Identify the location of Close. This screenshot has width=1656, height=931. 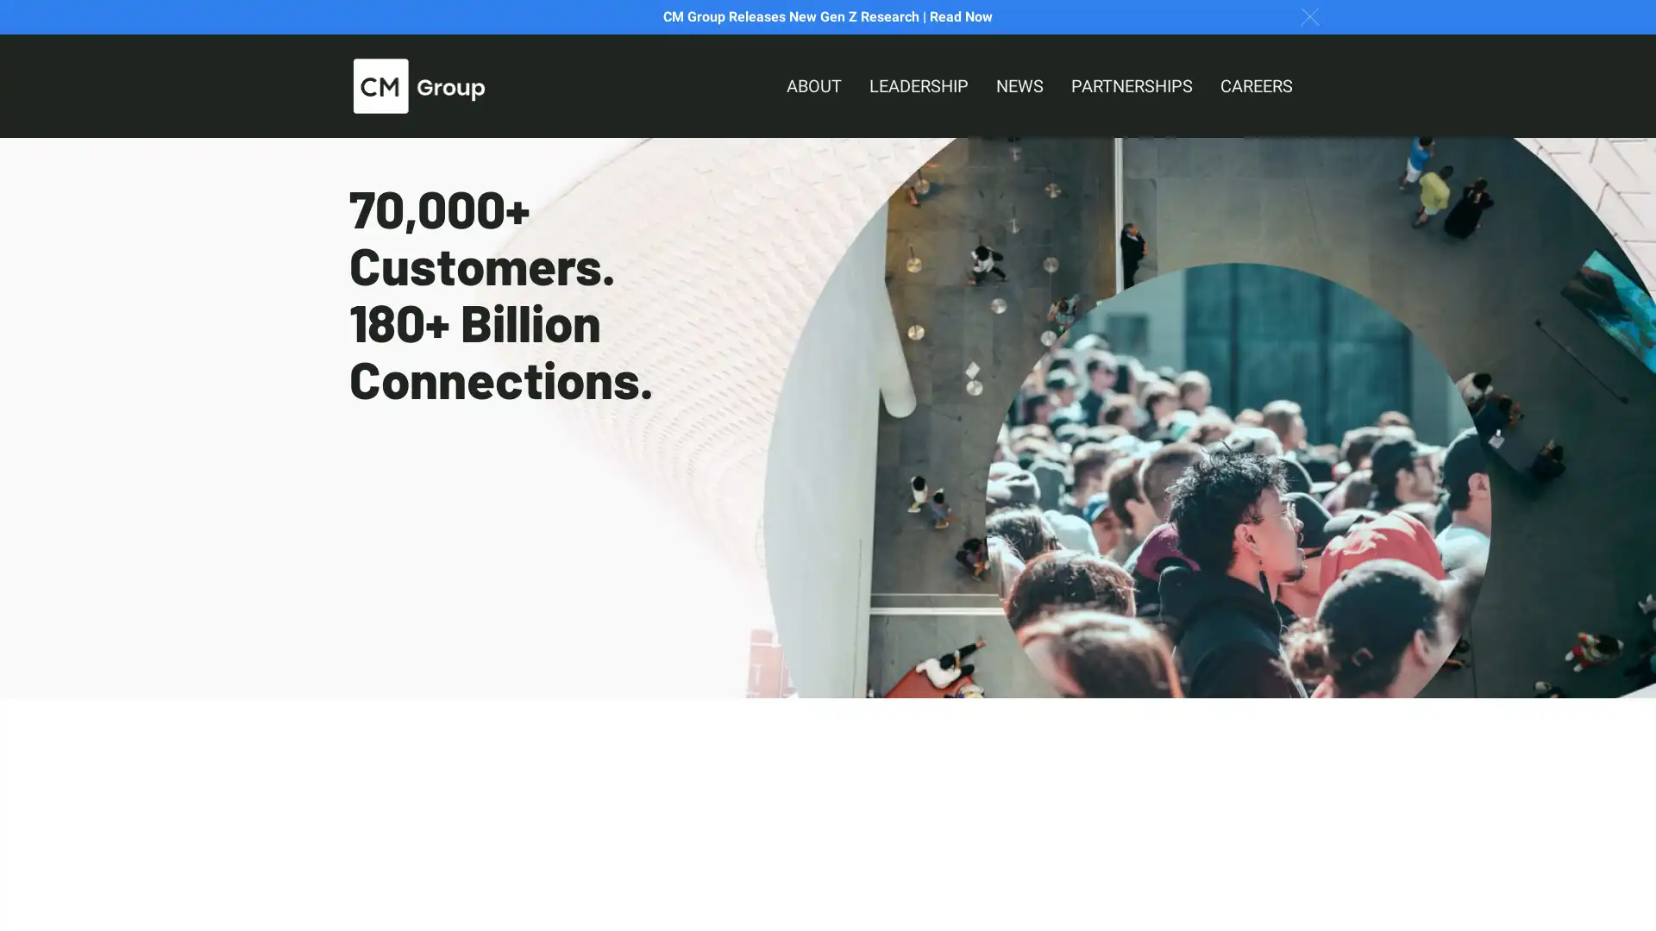
(1309, 16).